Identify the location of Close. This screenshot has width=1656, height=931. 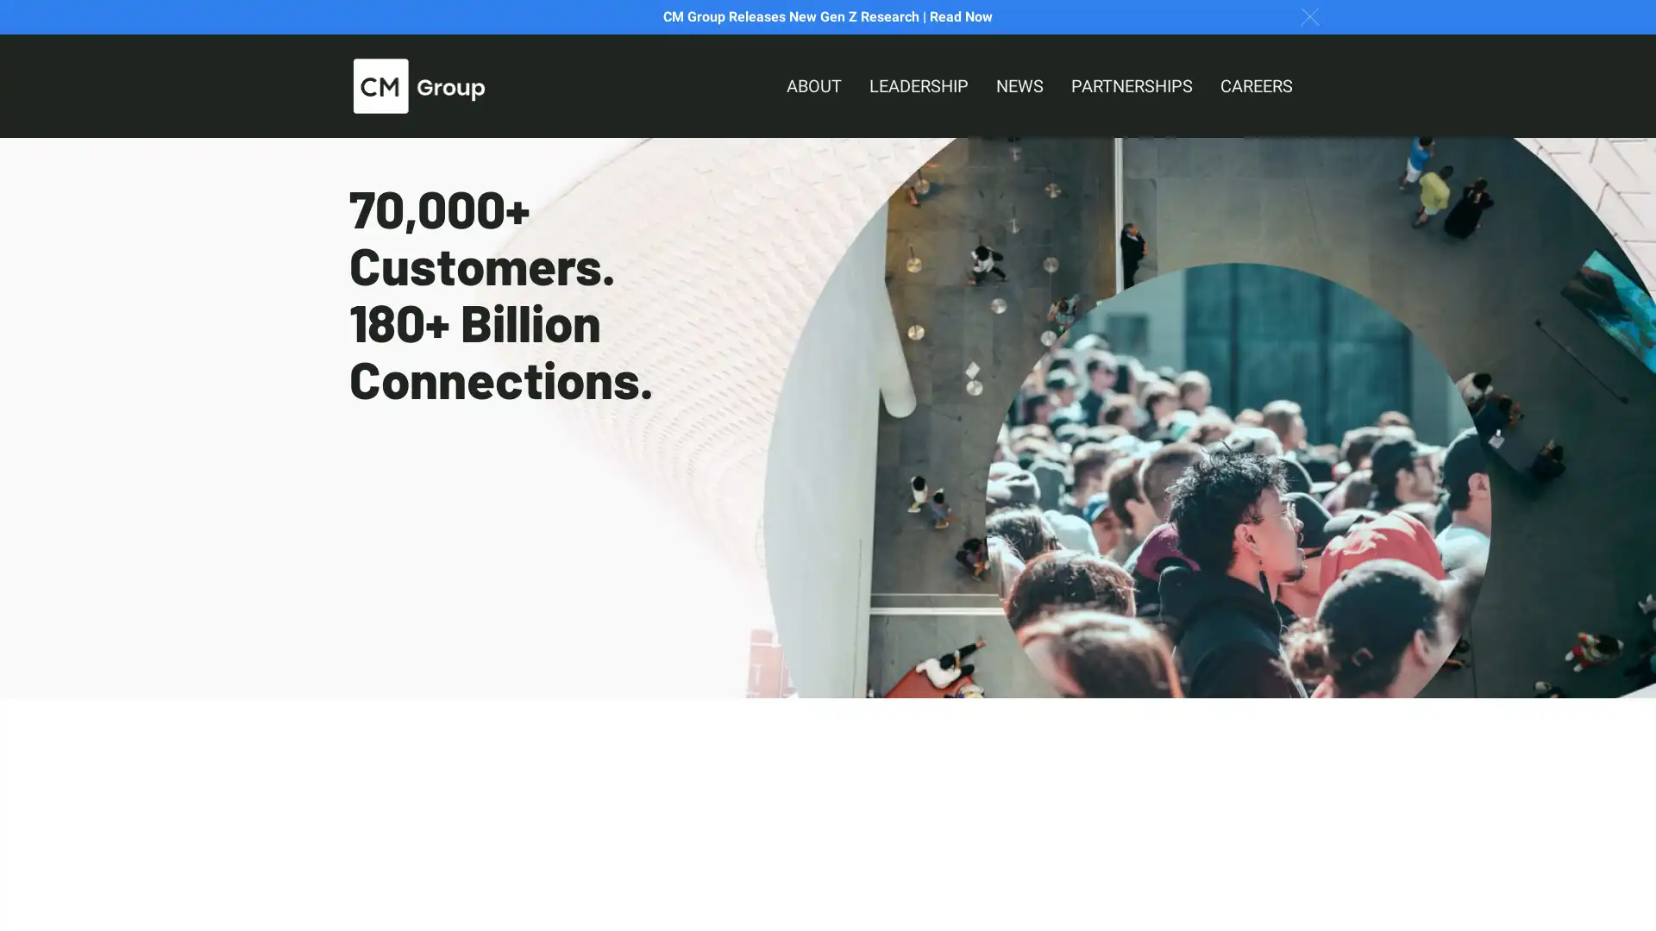
(1309, 16).